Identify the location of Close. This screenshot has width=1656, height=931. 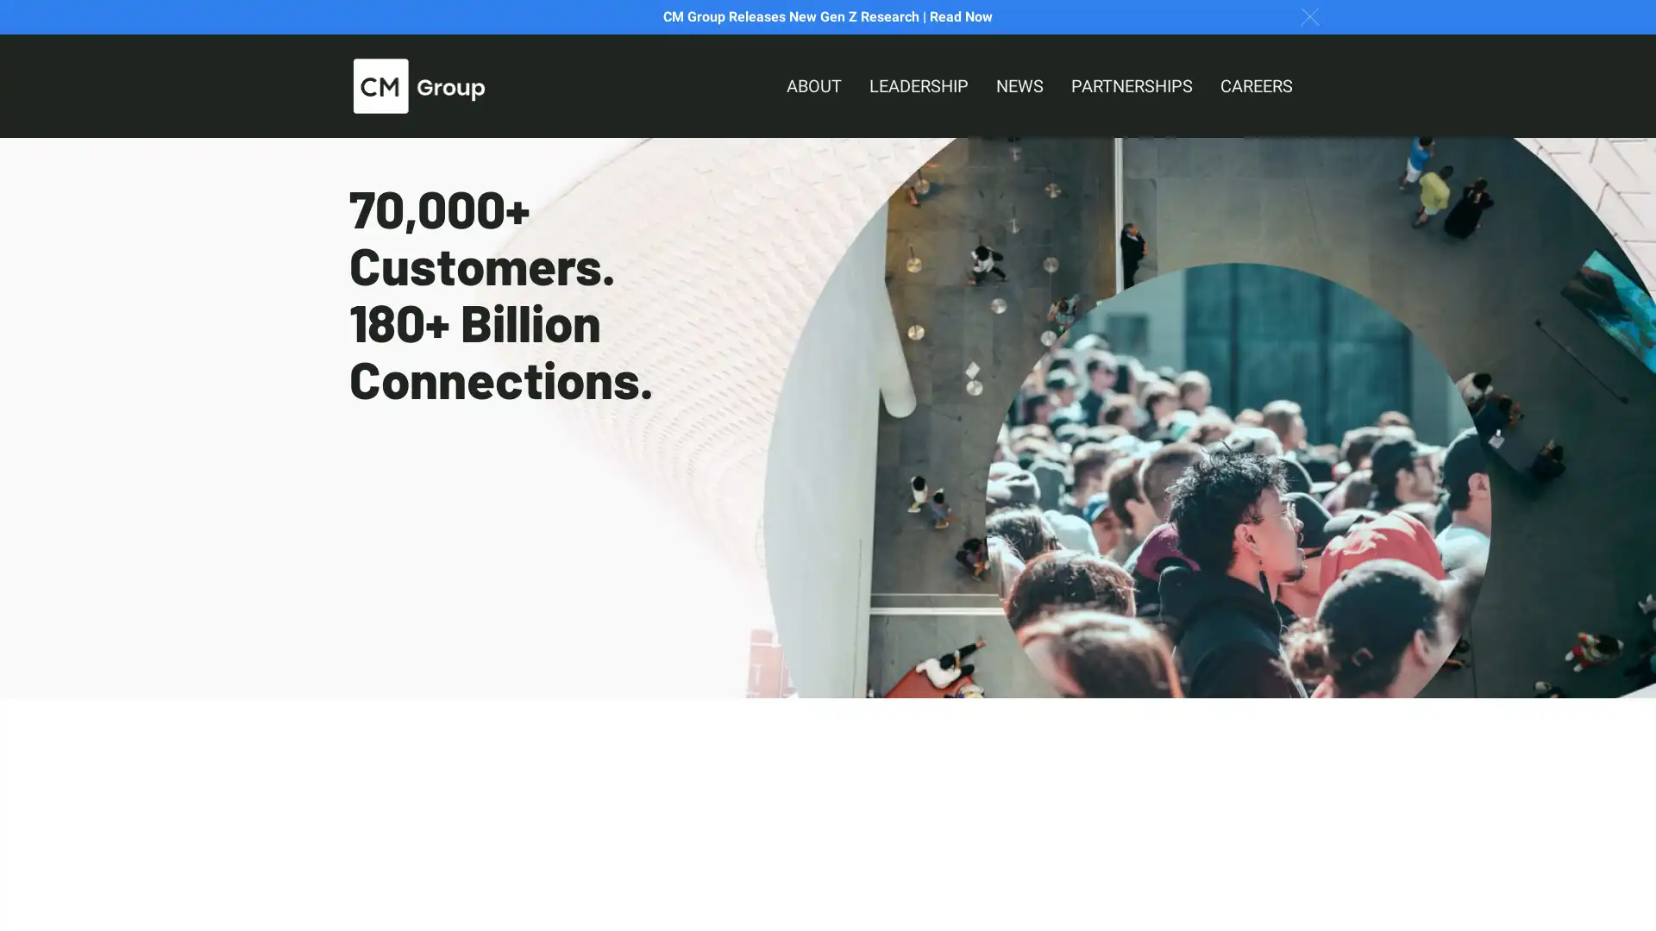
(1309, 16).